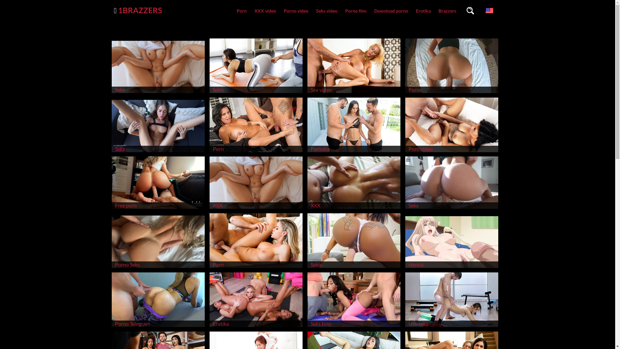  What do you see at coordinates (139, 10) in the screenshot?
I see `'1BRAZZERS'` at bounding box center [139, 10].